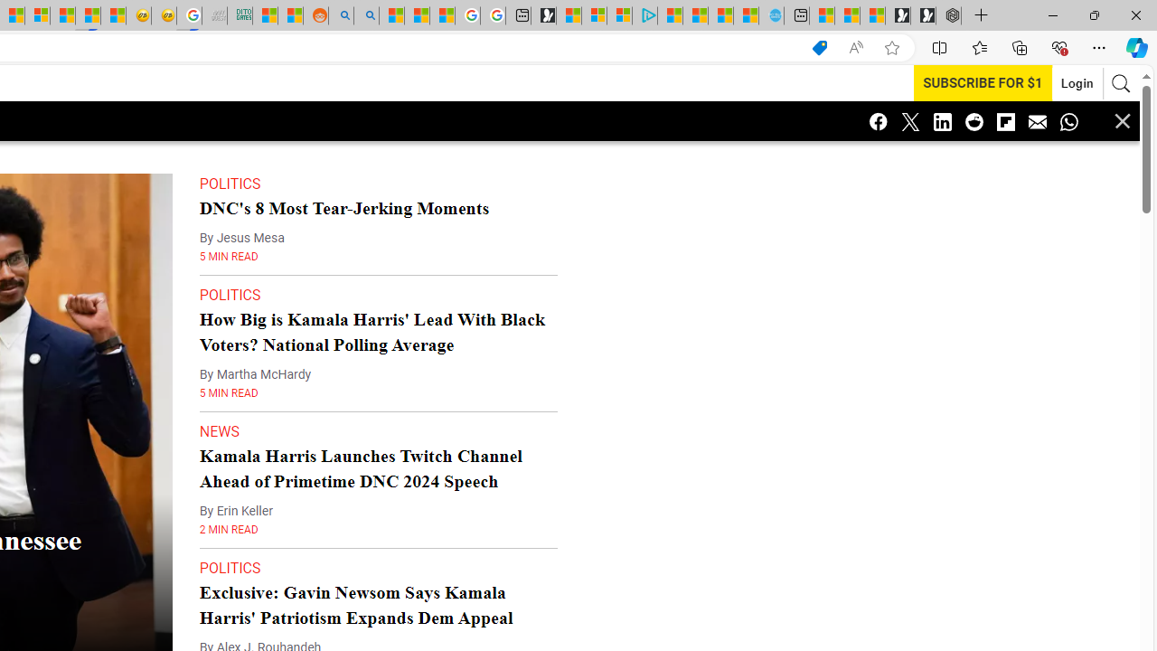 This screenshot has width=1157, height=651. Describe the element at coordinates (87, 15) in the screenshot. I see `'MSN'` at that location.